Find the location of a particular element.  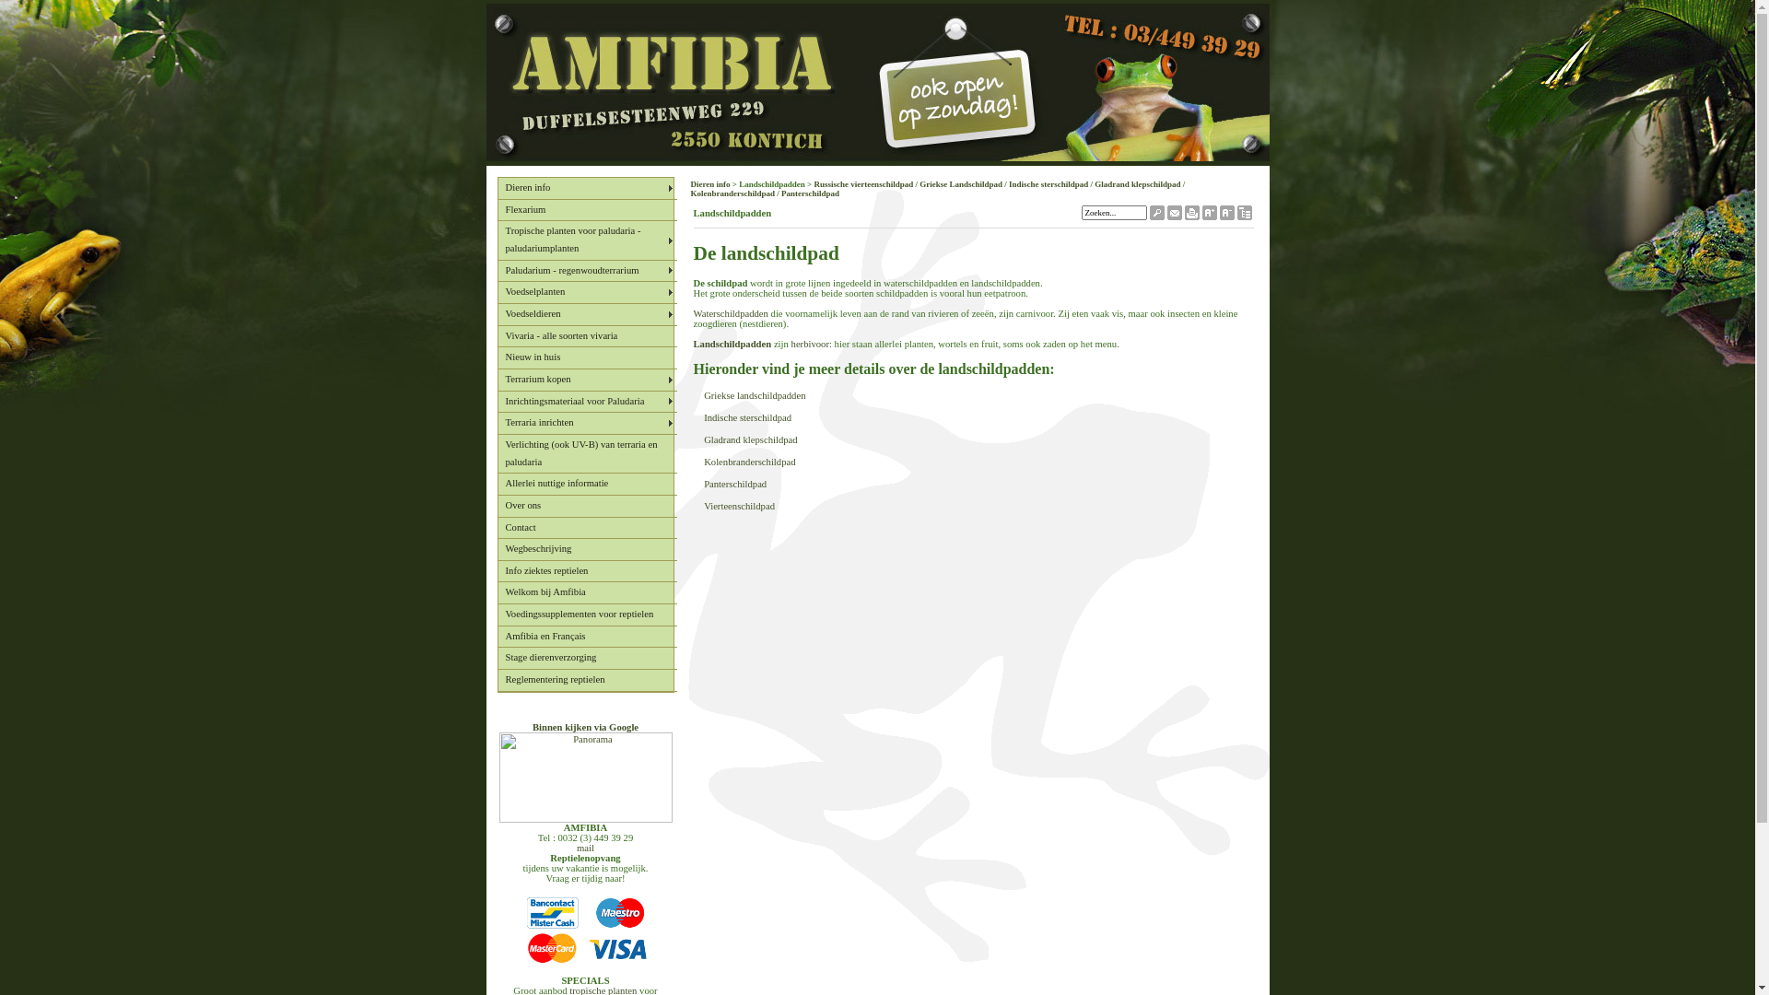

'Reglementering reptielen' is located at coordinates (586, 681).